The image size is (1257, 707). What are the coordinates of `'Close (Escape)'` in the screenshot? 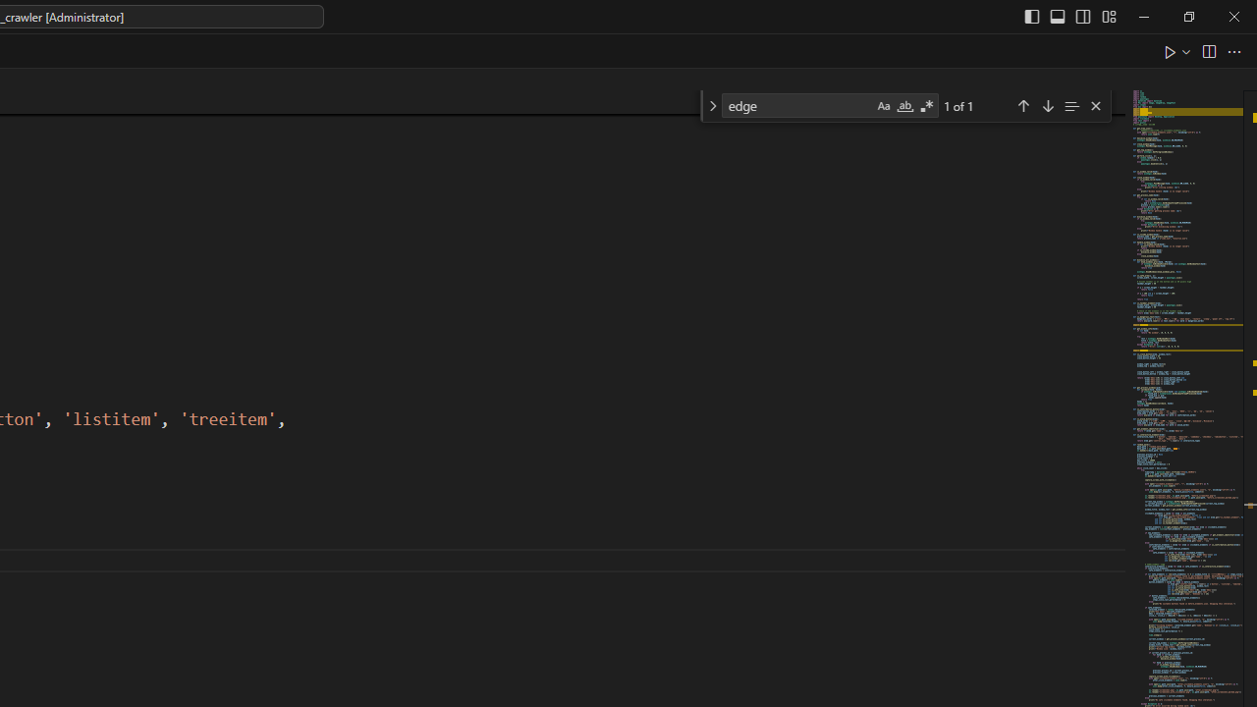 It's located at (1094, 106).